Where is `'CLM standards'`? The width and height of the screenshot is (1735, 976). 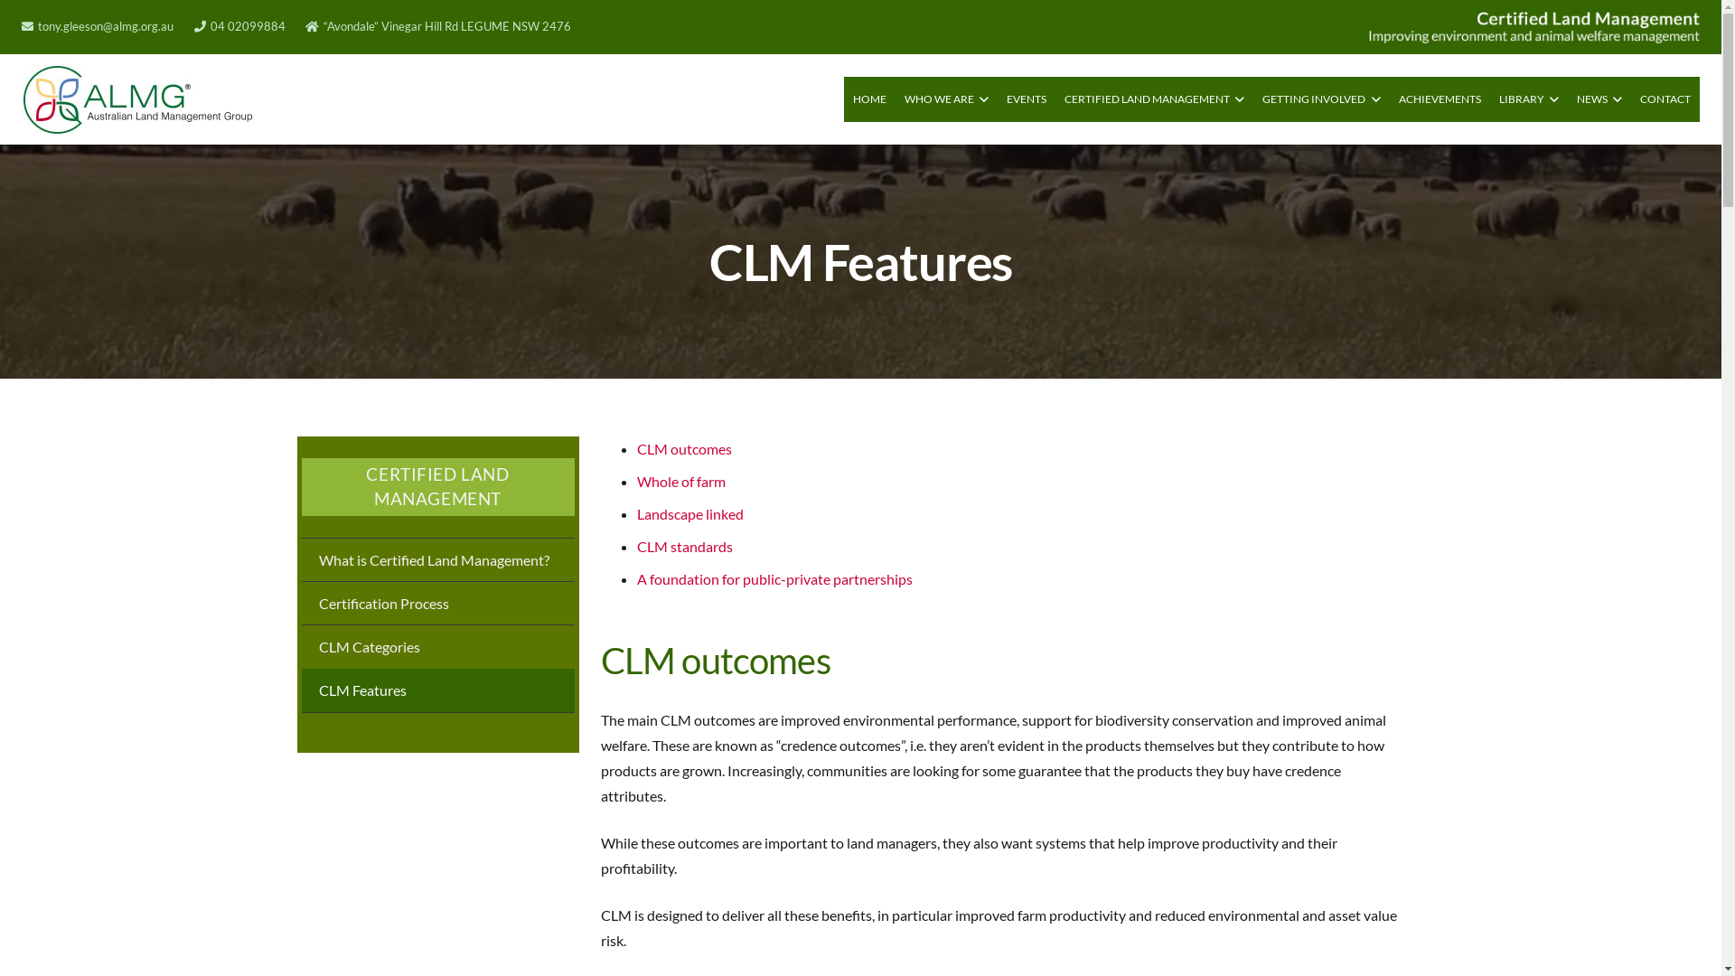 'CLM standards' is located at coordinates (683, 545).